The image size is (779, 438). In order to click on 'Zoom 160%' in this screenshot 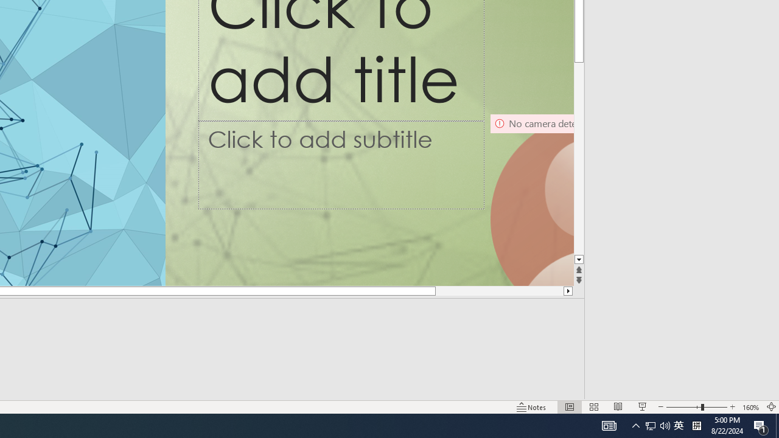, I will do `click(750, 407)`.